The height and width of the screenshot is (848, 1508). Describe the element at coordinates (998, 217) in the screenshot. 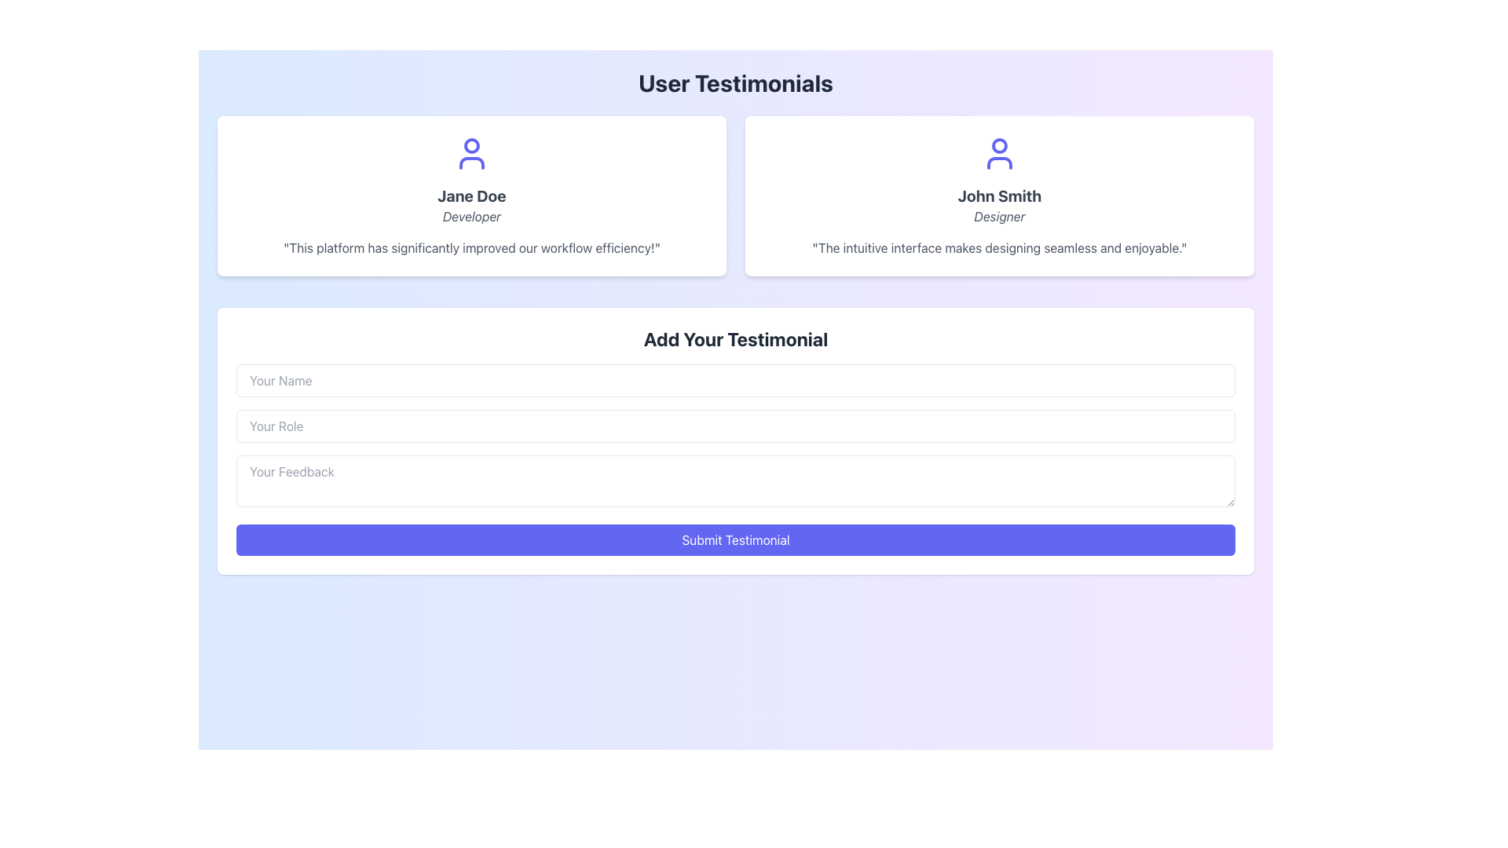

I see `the Text Label that indicates the role or job title of John Smith, located within the User Testimonials section, directly below the bold text of 'John Smith'` at that location.